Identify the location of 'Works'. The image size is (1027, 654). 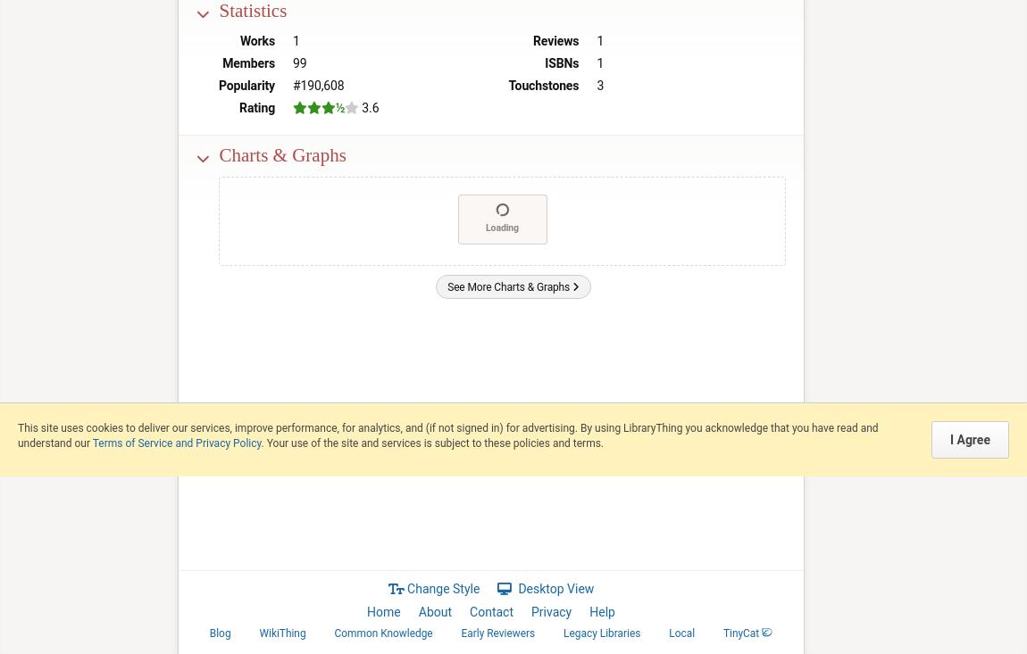
(238, 39).